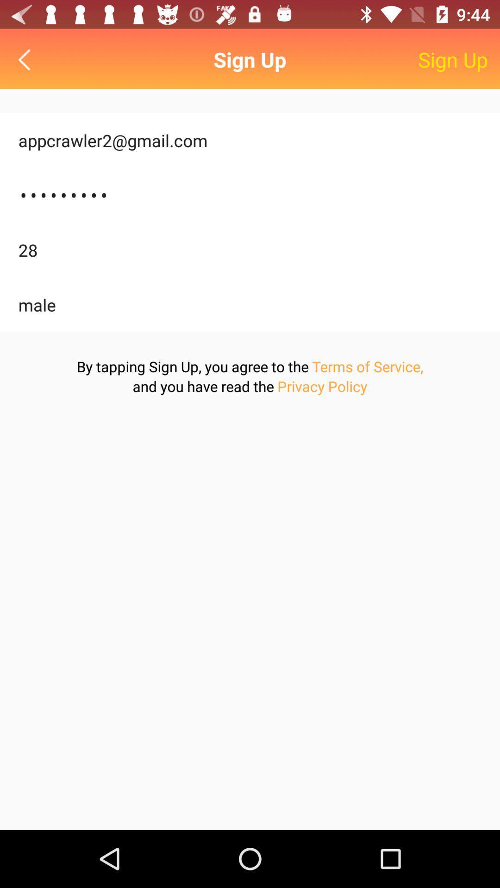 This screenshot has width=500, height=888. Describe the element at coordinates (26, 59) in the screenshot. I see `icon next to the sign up` at that location.